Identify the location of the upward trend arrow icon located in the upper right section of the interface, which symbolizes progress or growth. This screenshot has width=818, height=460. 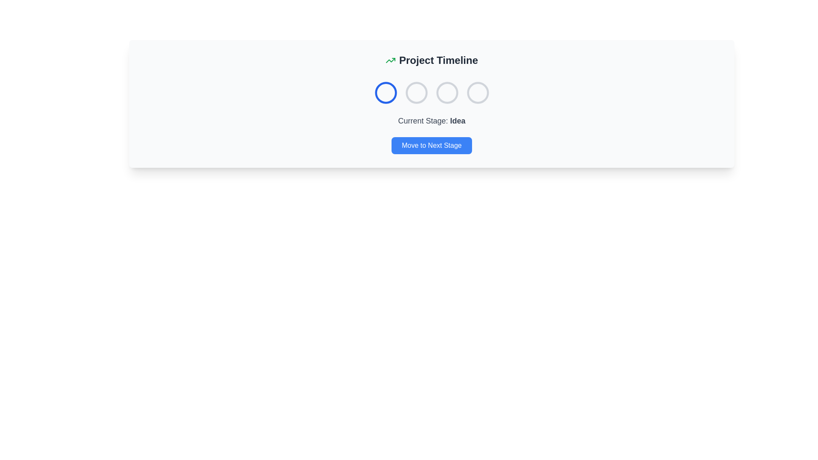
(390, 60).